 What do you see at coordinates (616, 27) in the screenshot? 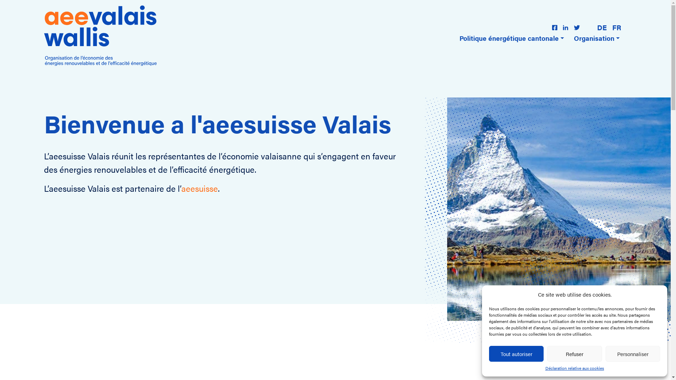
I see `'FR'` at bounding box center [616, 27].